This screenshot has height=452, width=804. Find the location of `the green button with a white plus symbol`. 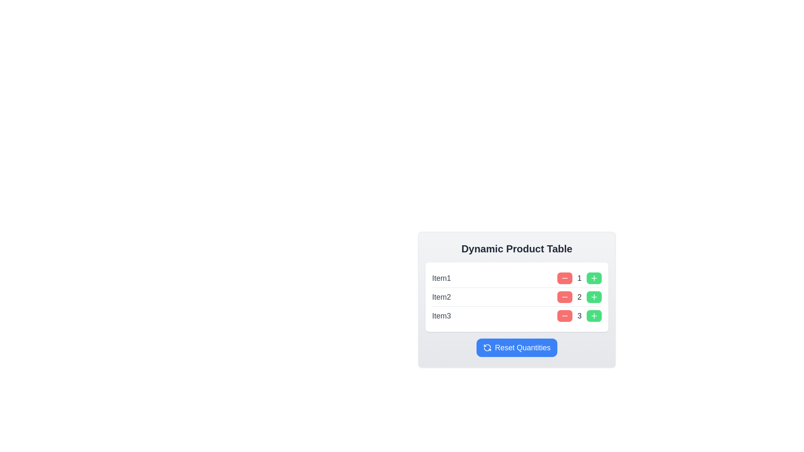

the green button with a white plus symbol is located at coordinates (594, 296).